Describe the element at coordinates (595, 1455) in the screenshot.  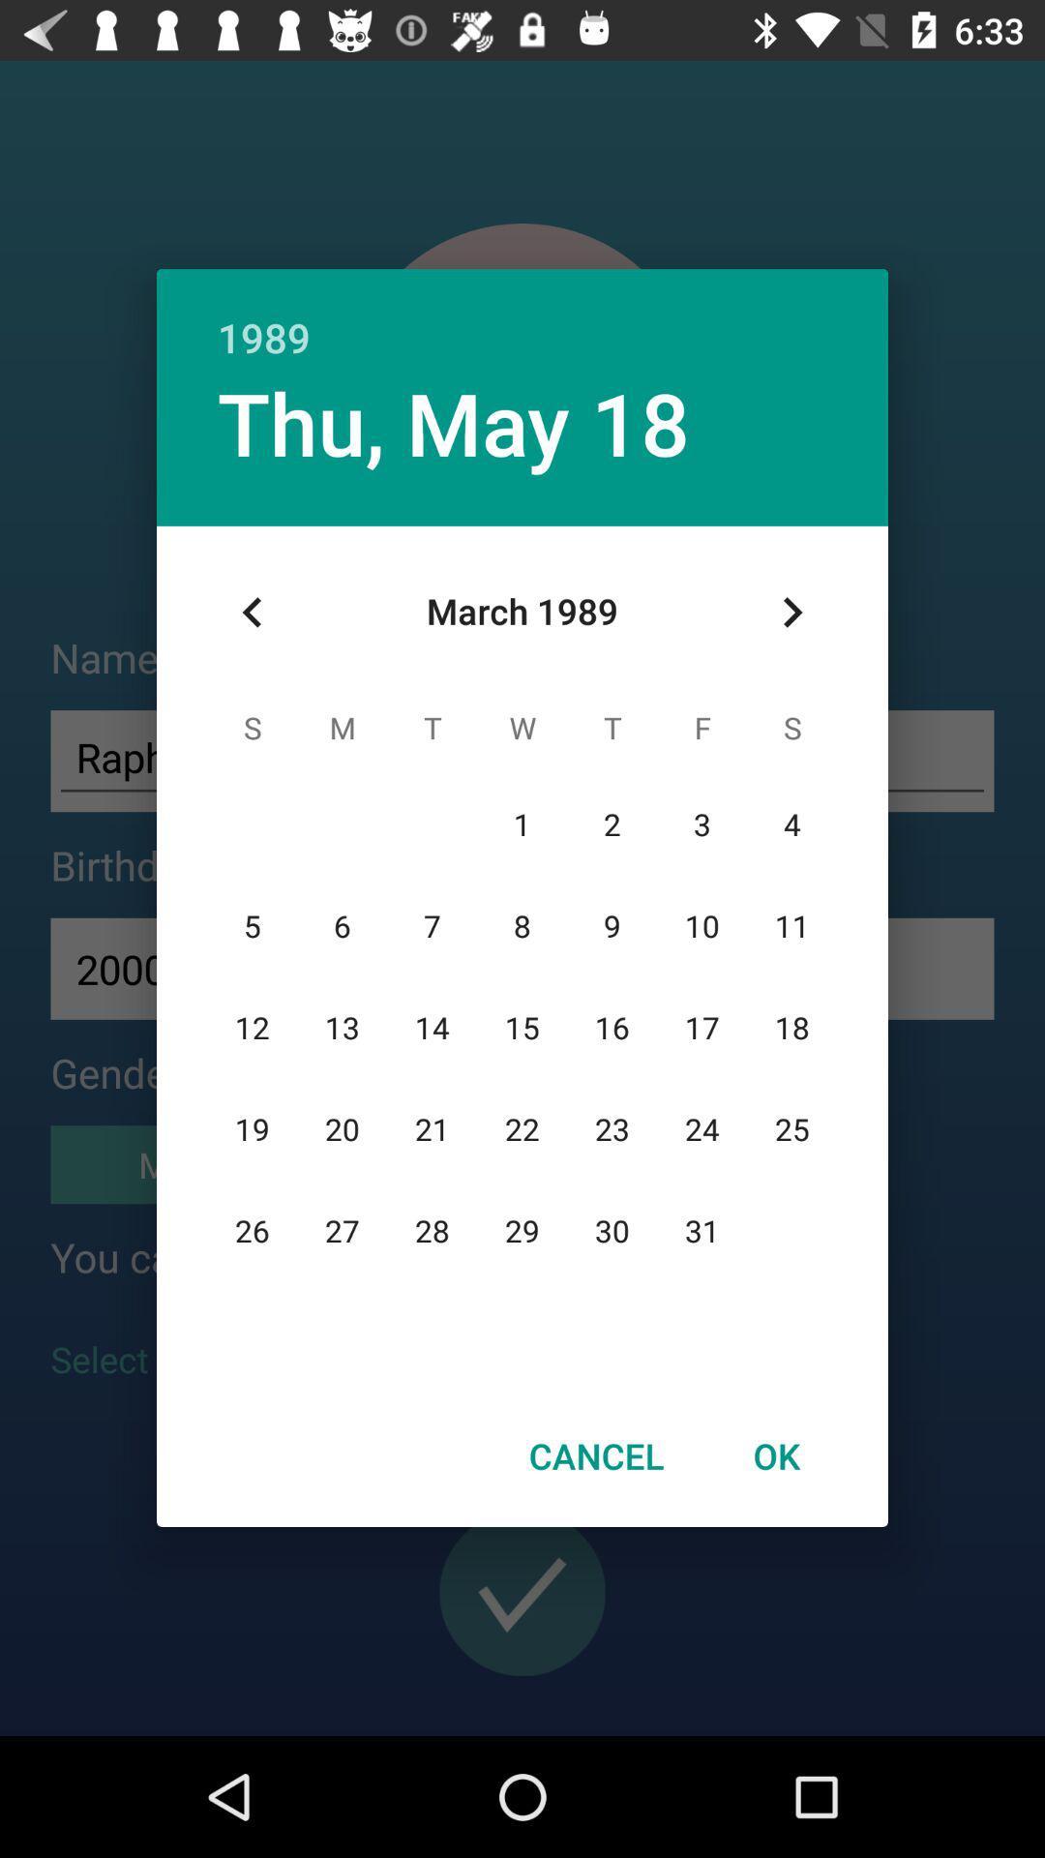
I see `the icon at the bottom` at that location.